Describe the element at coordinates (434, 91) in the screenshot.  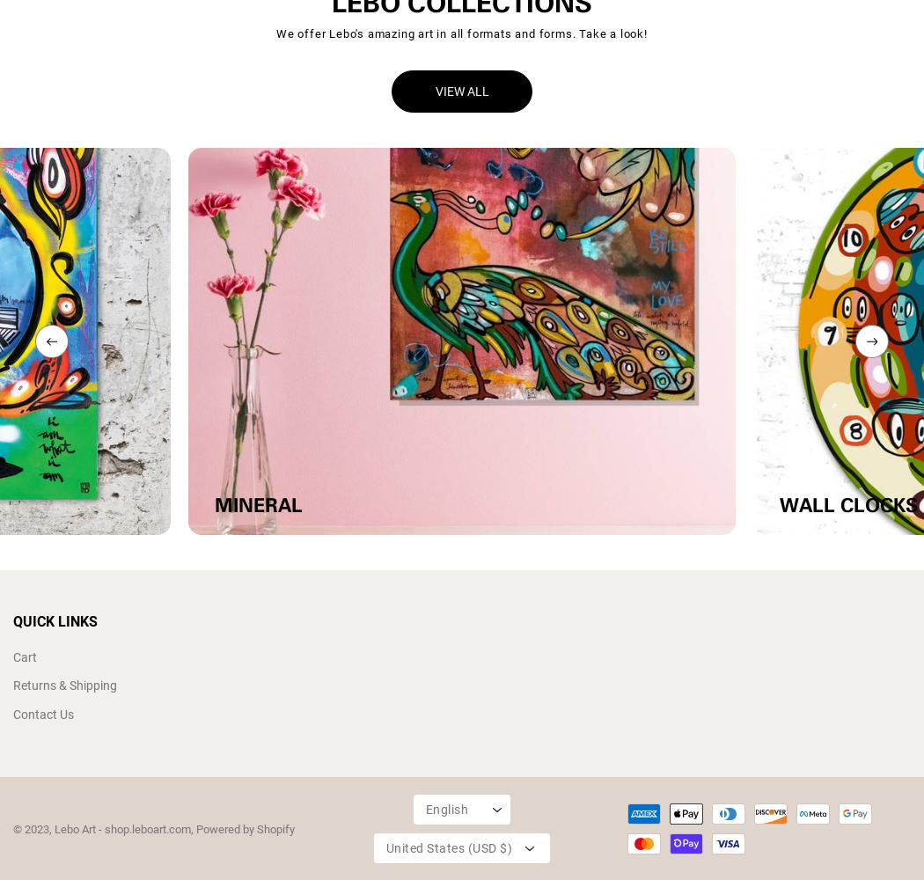
I see `'View All'` at that location.